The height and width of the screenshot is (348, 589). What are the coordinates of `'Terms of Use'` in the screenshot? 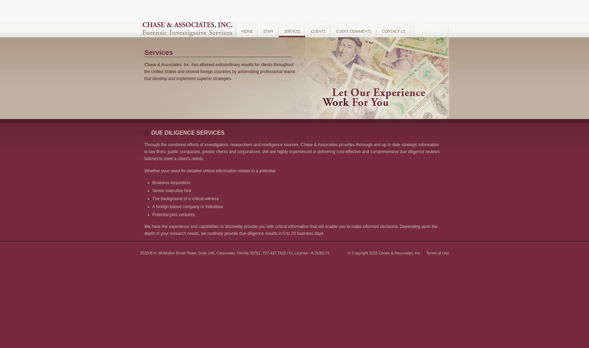 It's located at (437, 253).